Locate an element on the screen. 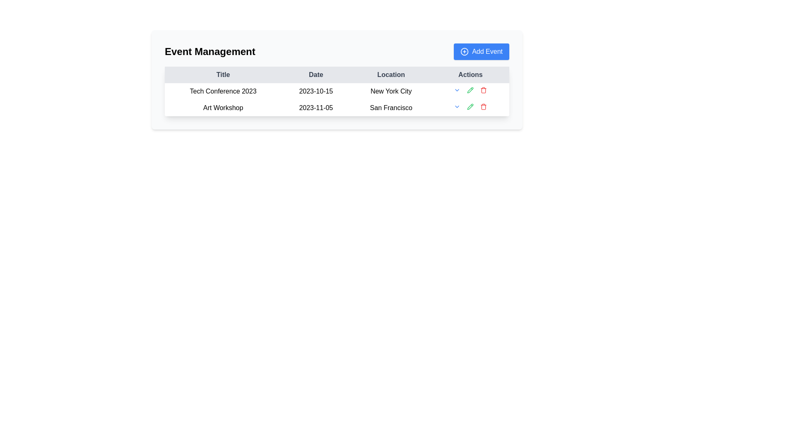 This screenshot has height=447, width=795. the text label displaying 'Art Workshop', which is located in the second row of the 'Title' column in the data table is located at coordinates (223, 108).